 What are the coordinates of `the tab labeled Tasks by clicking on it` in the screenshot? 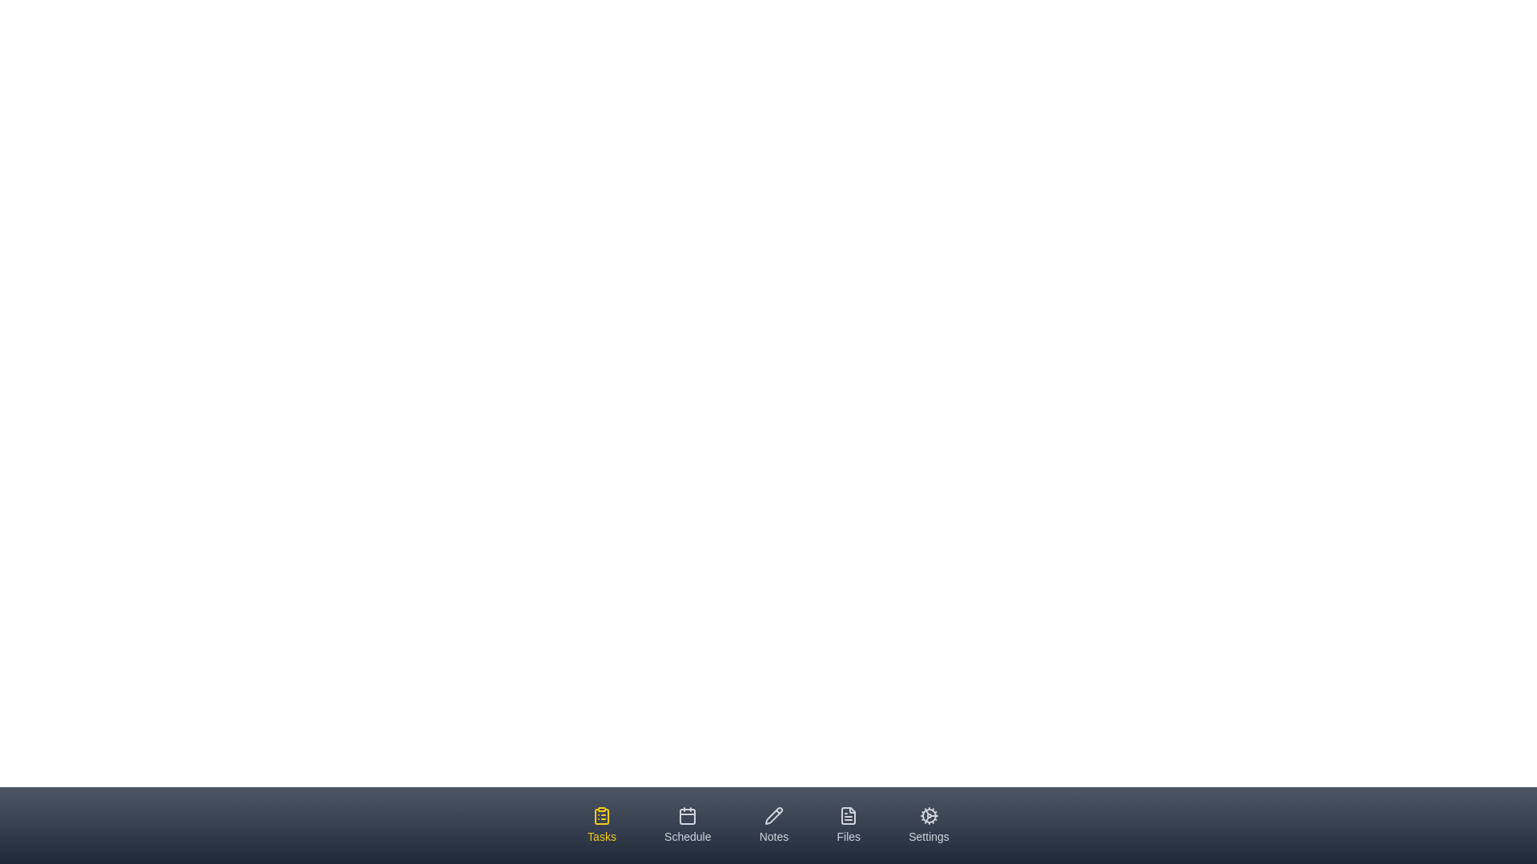 It's located at (601, 826).